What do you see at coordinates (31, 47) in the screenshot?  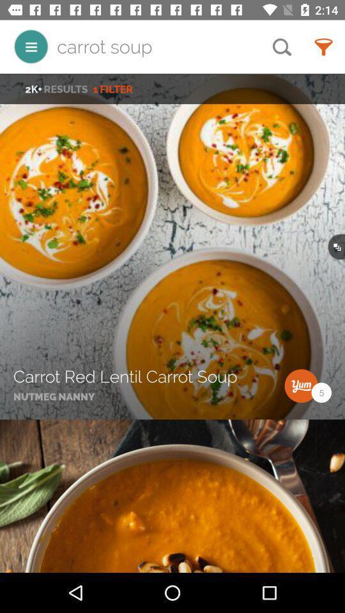 I see `item to the left of the carrot soup` at bounding box center [31, 47].